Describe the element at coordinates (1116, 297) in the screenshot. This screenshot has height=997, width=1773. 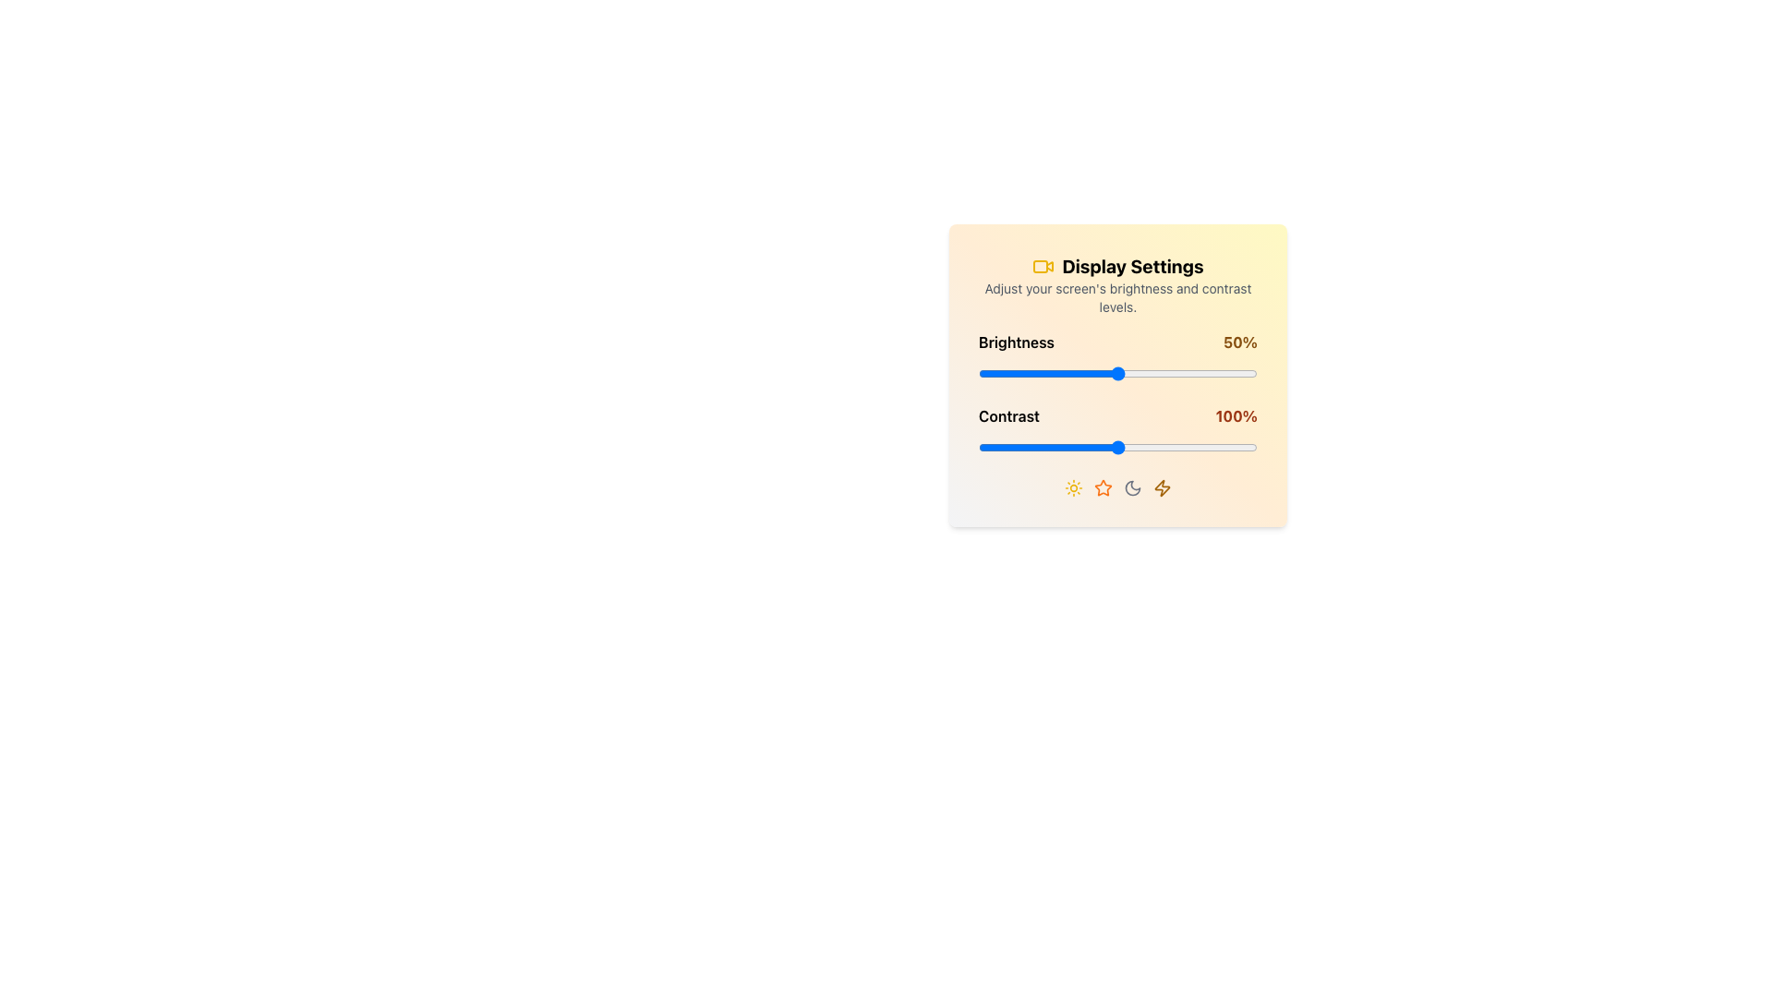
I see `the Static Text Label that provides supplementary instructions about adjusting brightness and contrast, located under 'Display Settings' and above the sliders` at that location.